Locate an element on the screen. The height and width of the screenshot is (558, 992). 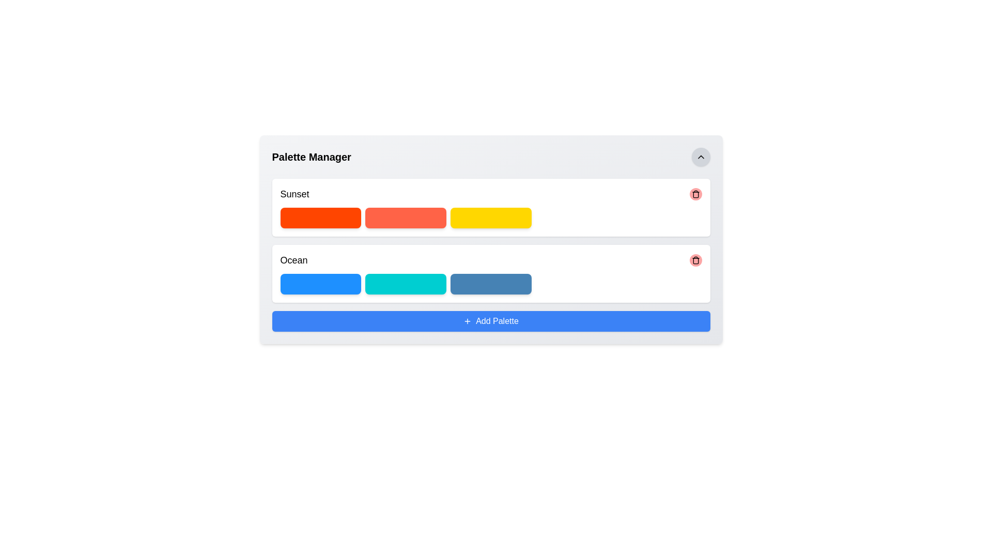
the third color block in the 'Ocean' section, which is part of a grid layout displaying color samples is located at coordinates (490, 284).